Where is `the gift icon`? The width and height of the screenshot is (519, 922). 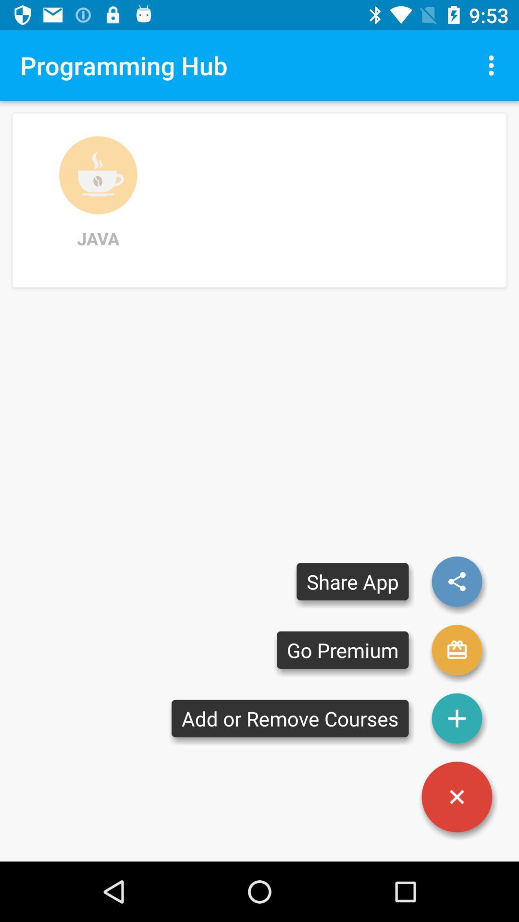
the gift icon is located at coordinates (457, 650).